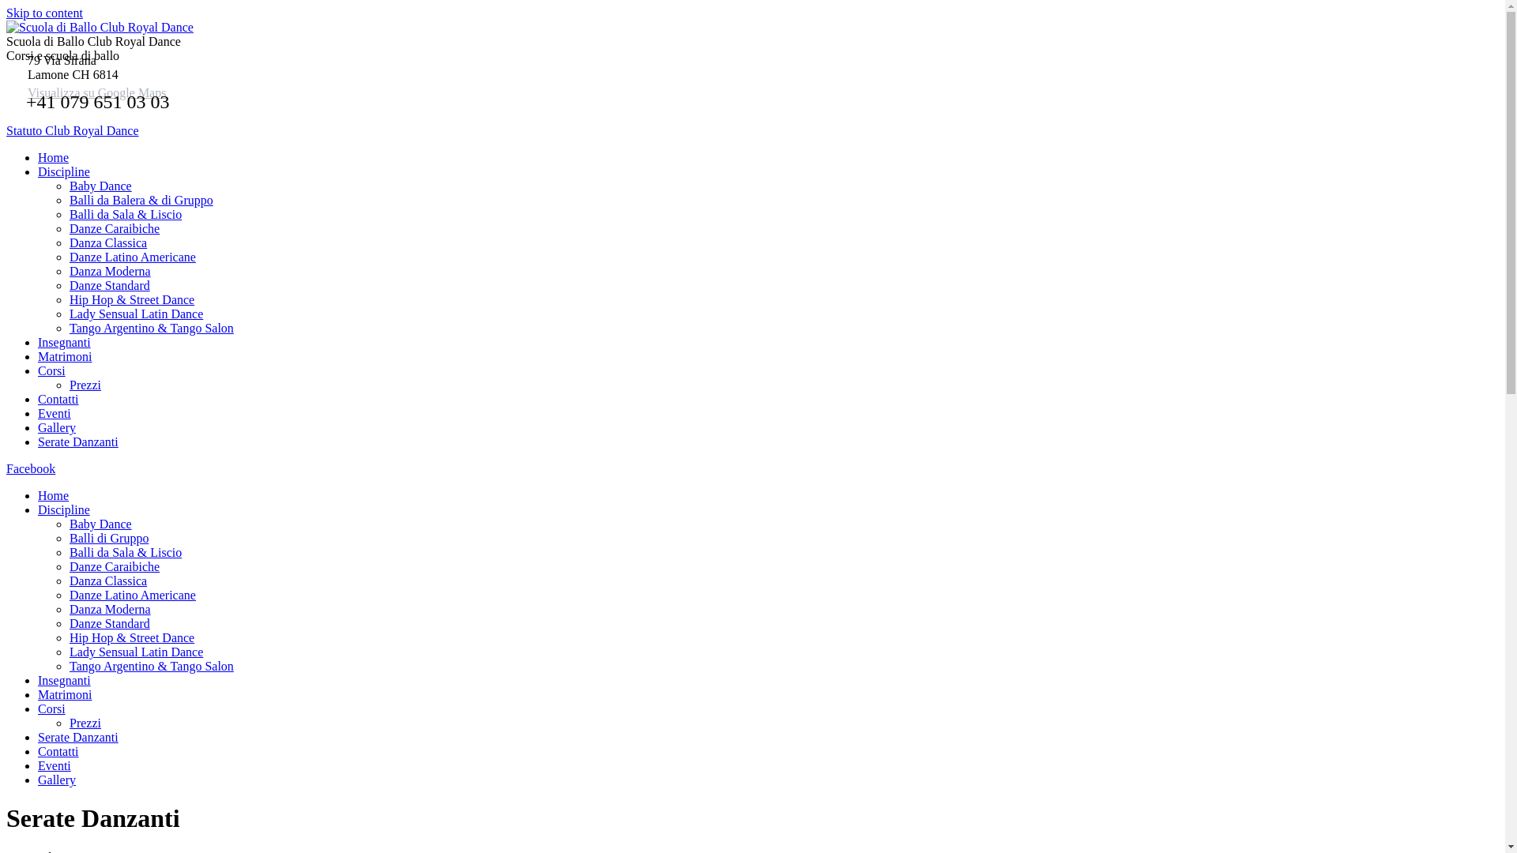 The image size is (1517, 853). What do you see at coordinates (30, 468) in the screenshot?
I see `'Facebook'` at bounding box center [30, 468].